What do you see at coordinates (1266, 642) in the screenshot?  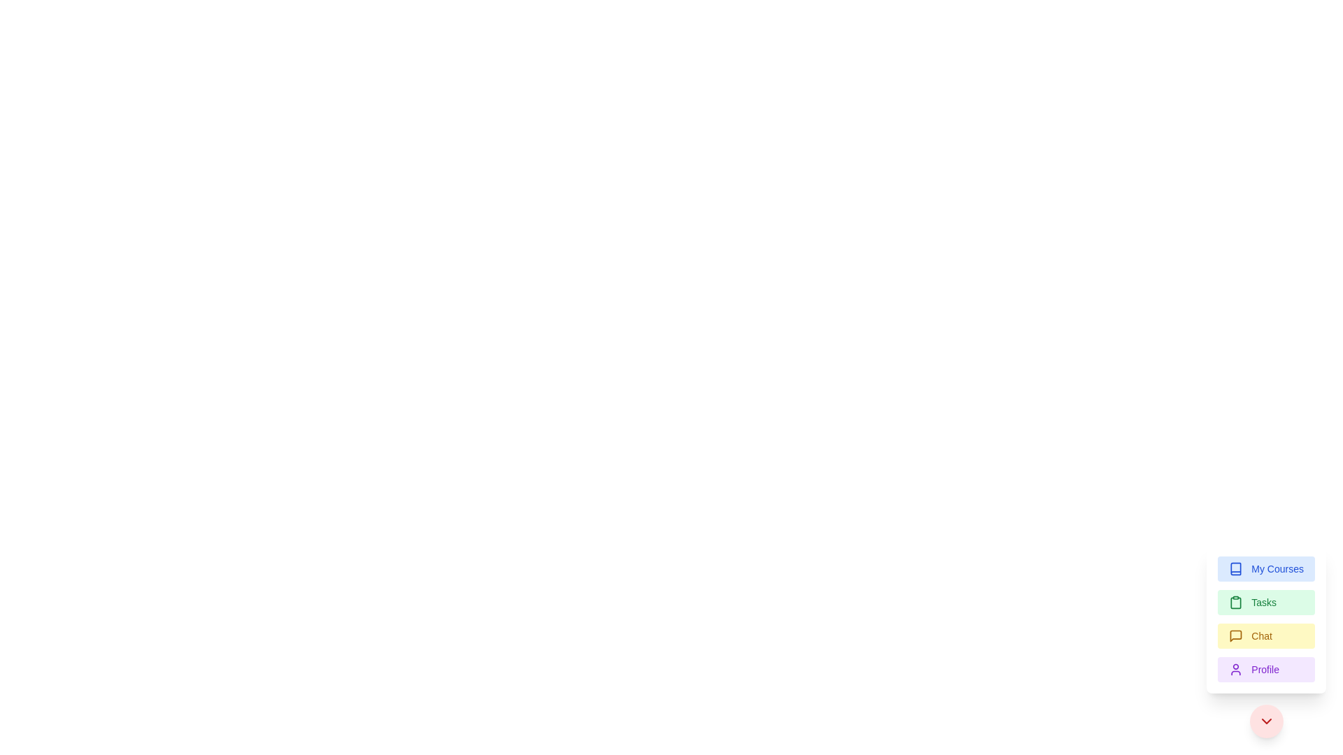 I see `the 'Chat' button, which has a yellow background and a speech bubble icon, located as the third button from the top in the vertically stacked menu in the bottom-right corner of the interface` at bounding box center [1266, 642].